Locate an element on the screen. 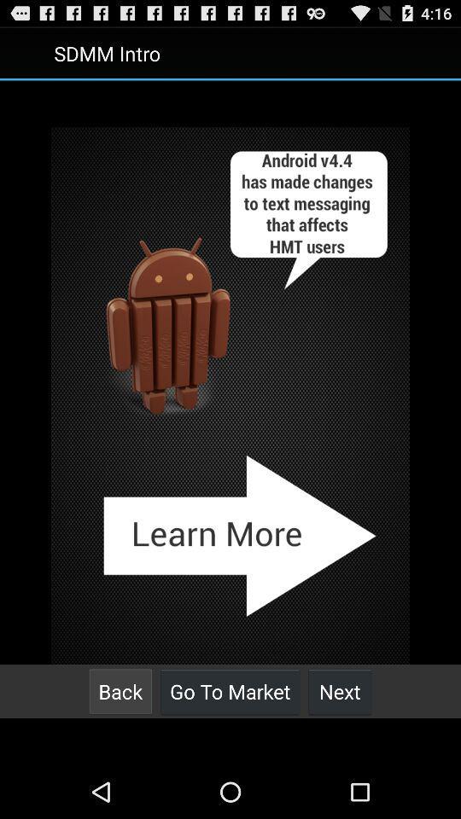 The image size is (461, 819). go to market button is located at coordinates (230, 691).